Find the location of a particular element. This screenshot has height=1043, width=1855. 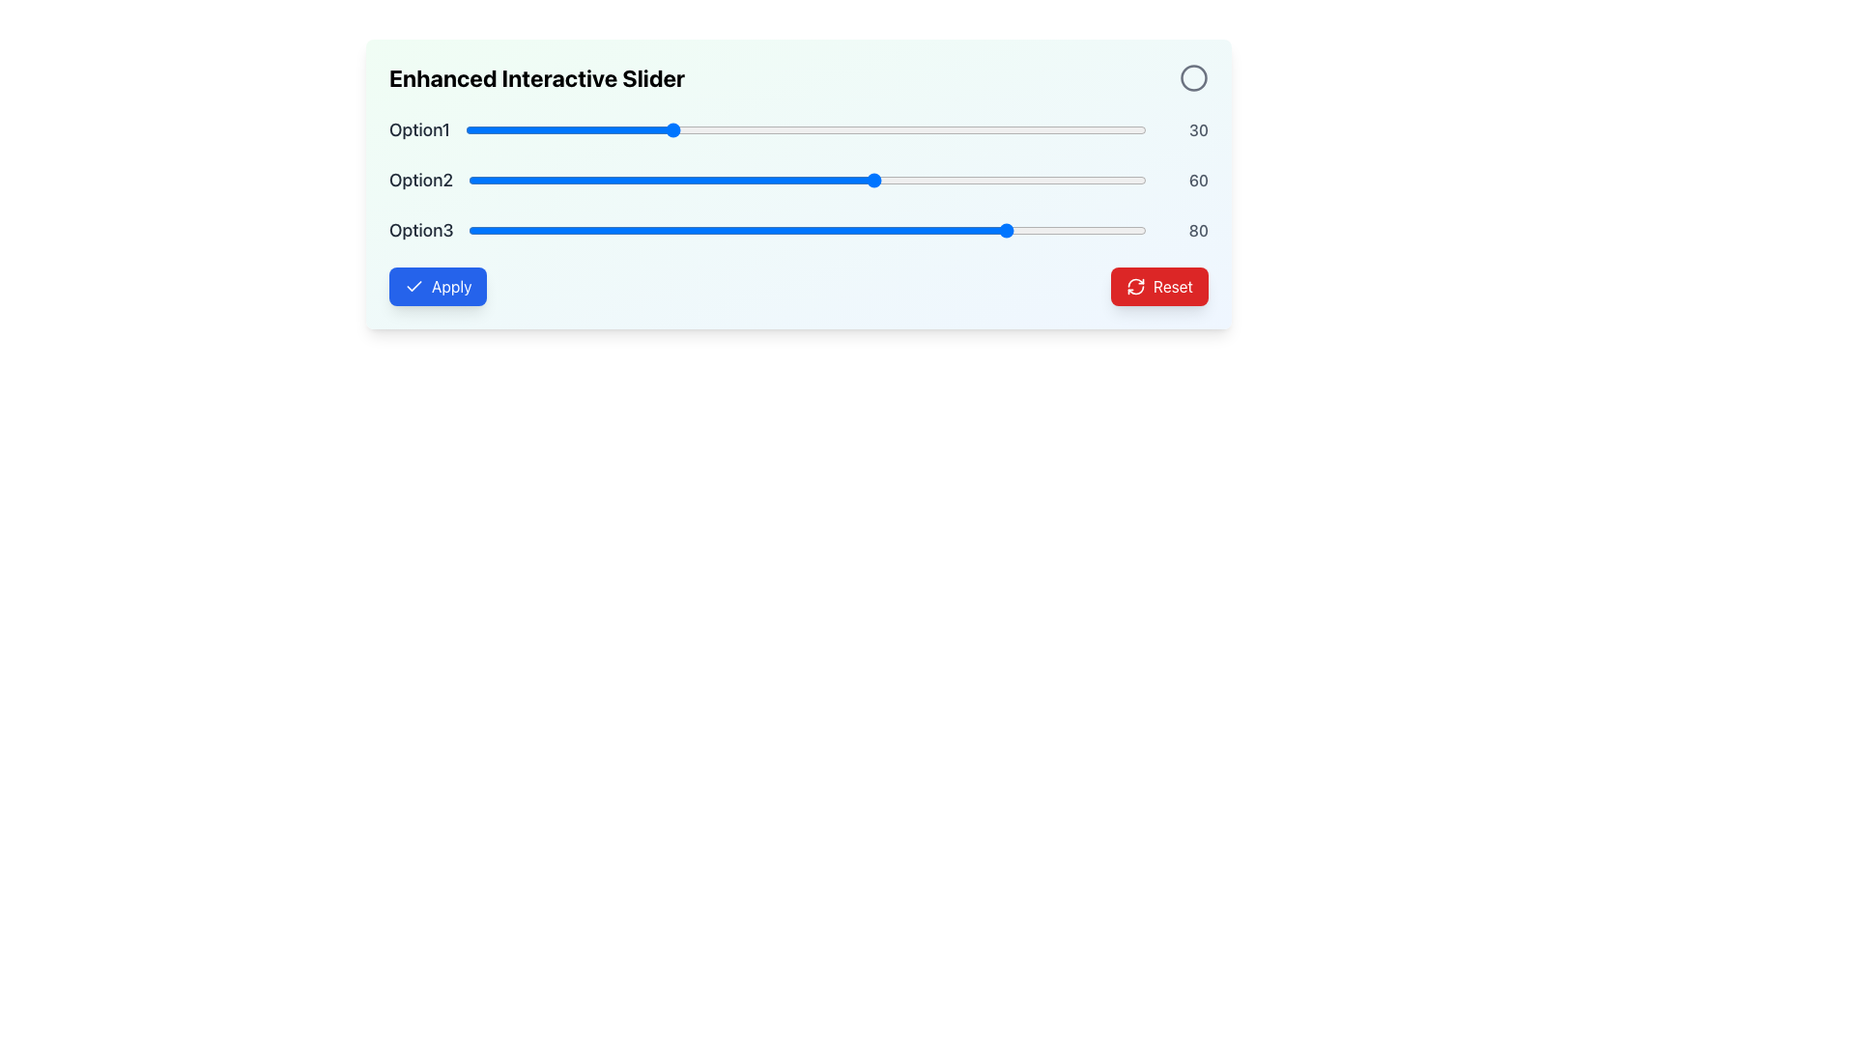

the slider is located at coordinates (553, 130).